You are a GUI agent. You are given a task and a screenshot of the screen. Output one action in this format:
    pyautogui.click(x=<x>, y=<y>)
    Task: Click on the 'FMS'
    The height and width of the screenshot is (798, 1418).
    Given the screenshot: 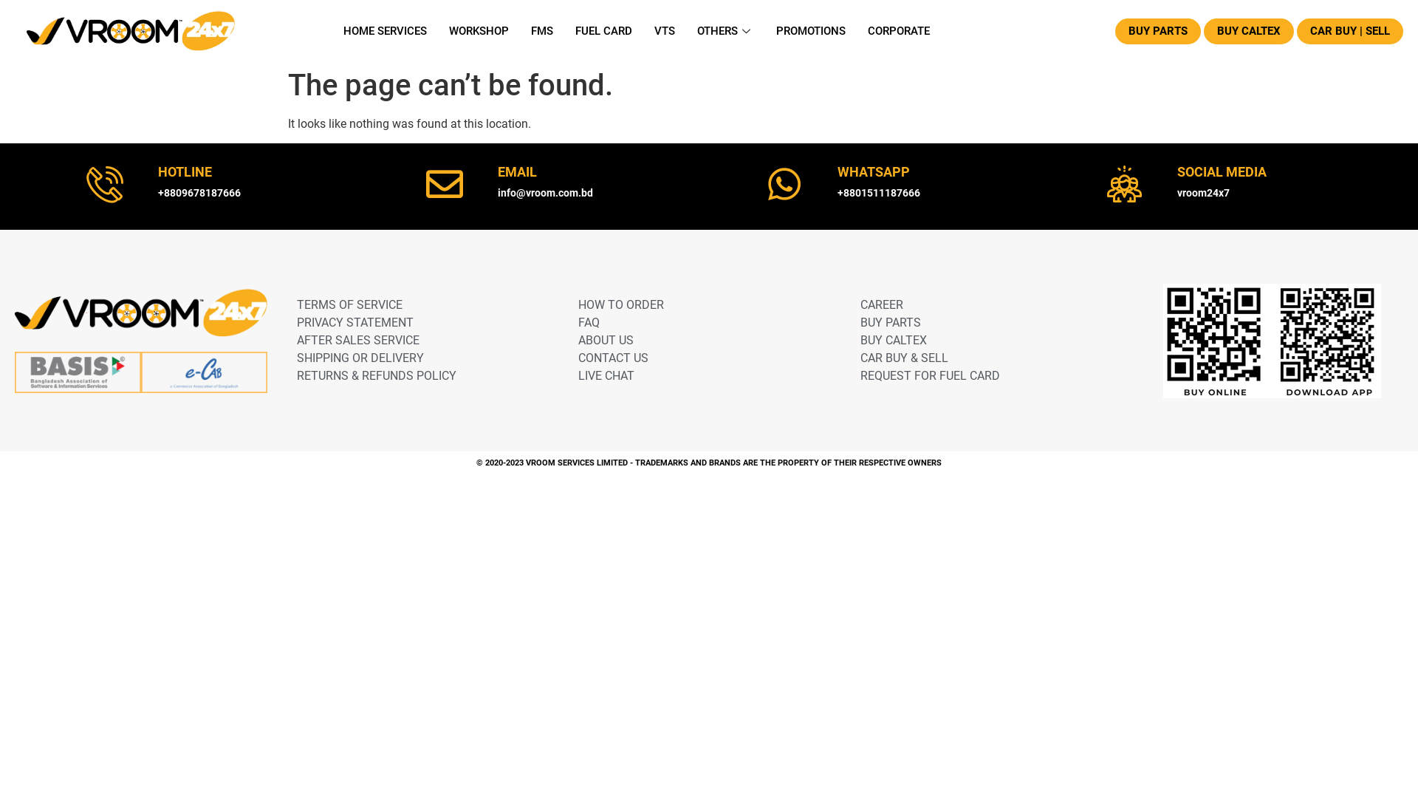 What is the action you would take?
    pyautogui.click(x=541, y=31)
    